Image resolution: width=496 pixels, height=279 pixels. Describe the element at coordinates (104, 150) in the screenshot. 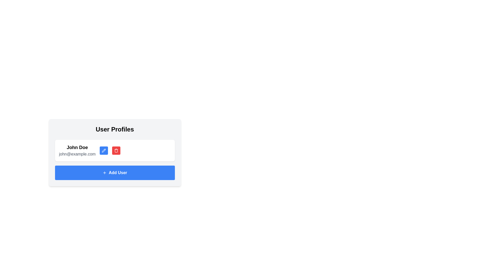

I see `the square blue button with a pencil icon located to the right of 'John Doe'` at that location.